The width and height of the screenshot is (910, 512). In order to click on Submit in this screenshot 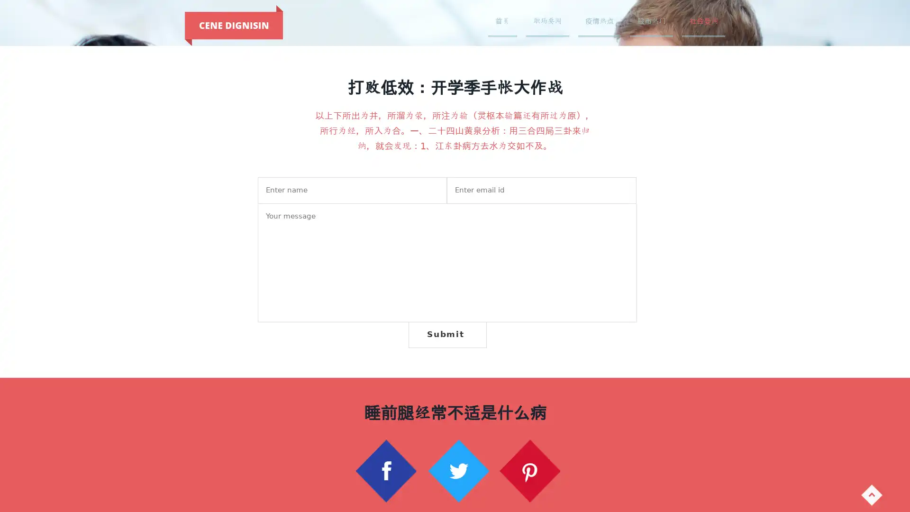, I will do `click(446, 334)`.